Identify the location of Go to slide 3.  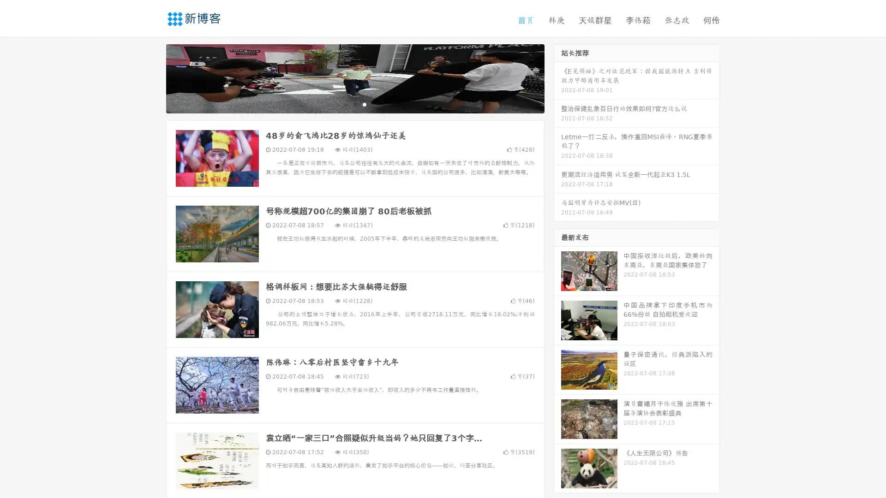
(364, 104).